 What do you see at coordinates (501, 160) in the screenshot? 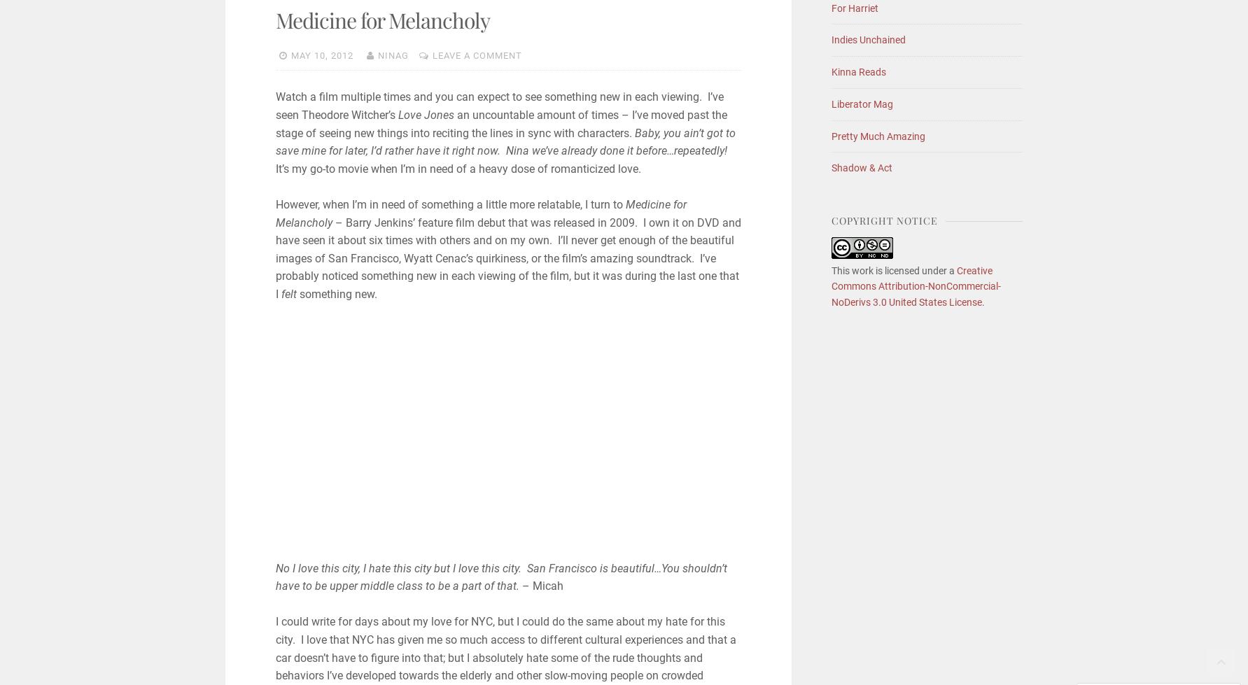
I see `'It’s my go-to movie when I’m in need of a heavy dose of romanticized love.'` at bounding box center [501, 160].